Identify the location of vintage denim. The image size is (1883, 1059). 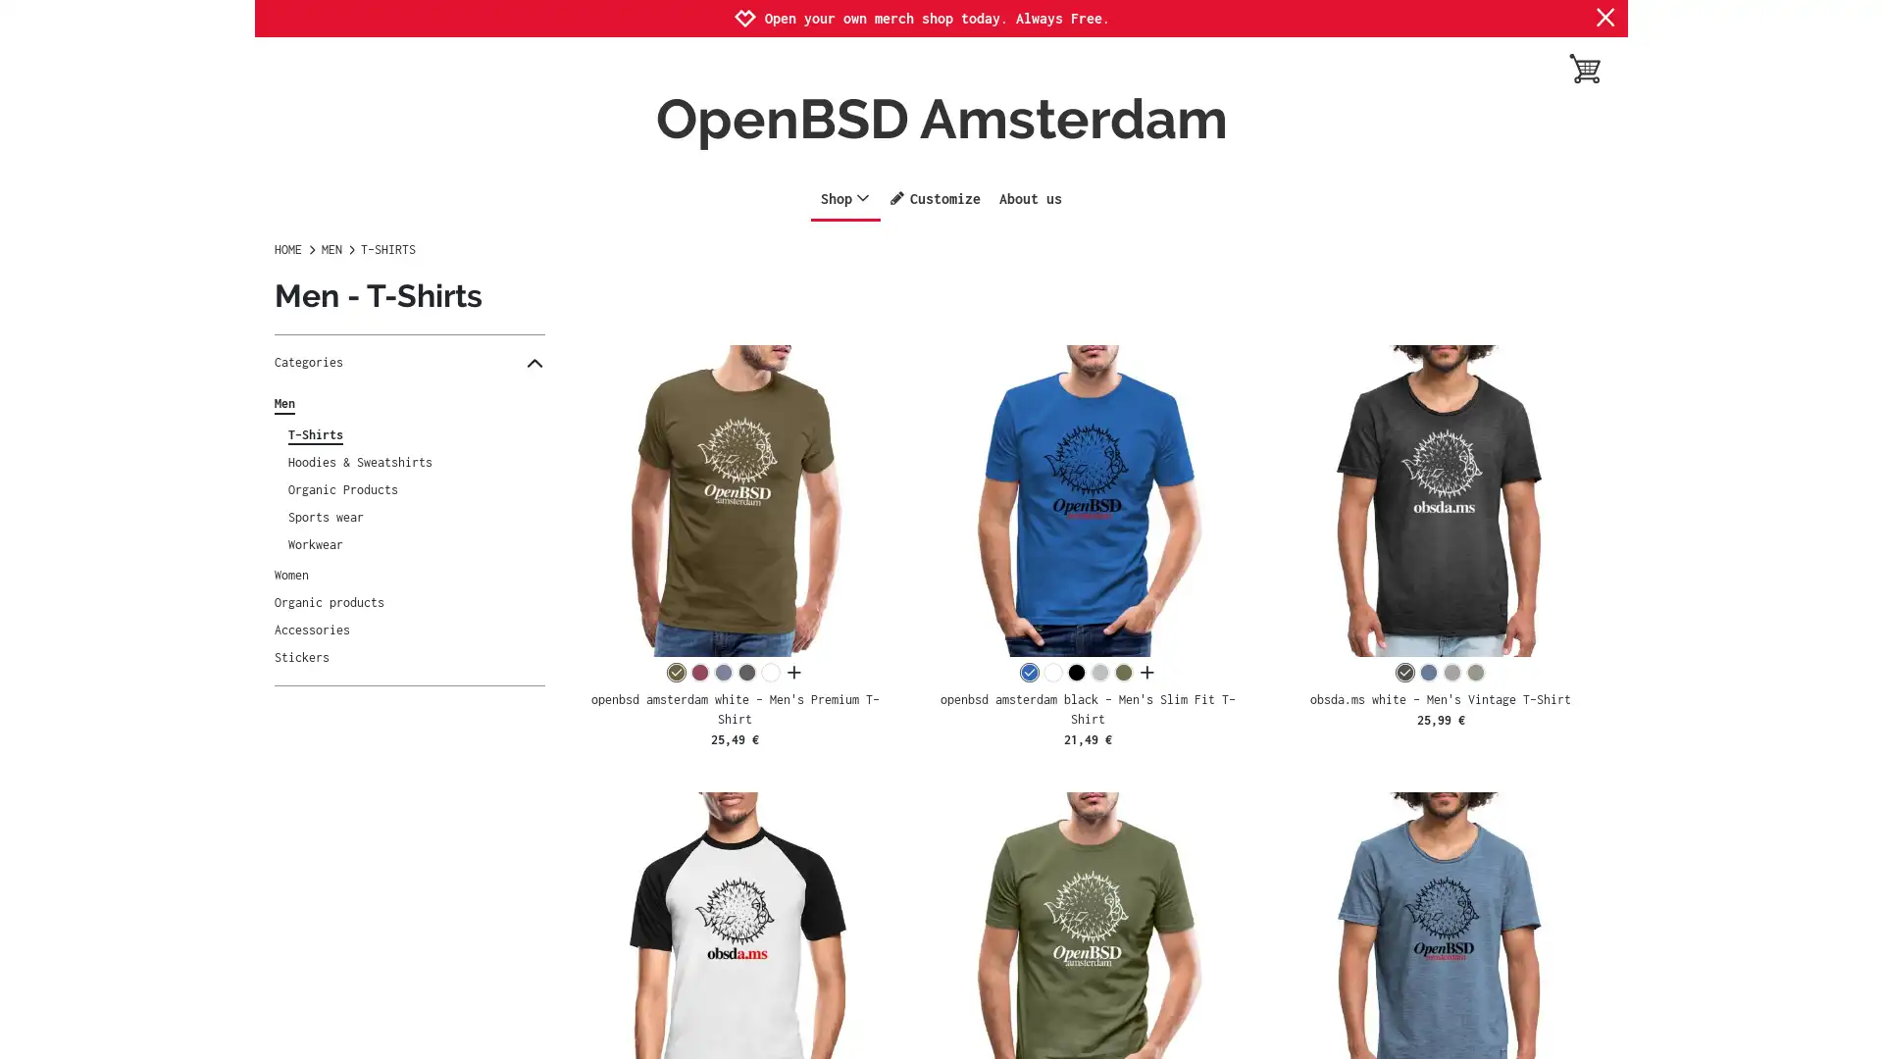
(1429, 672).